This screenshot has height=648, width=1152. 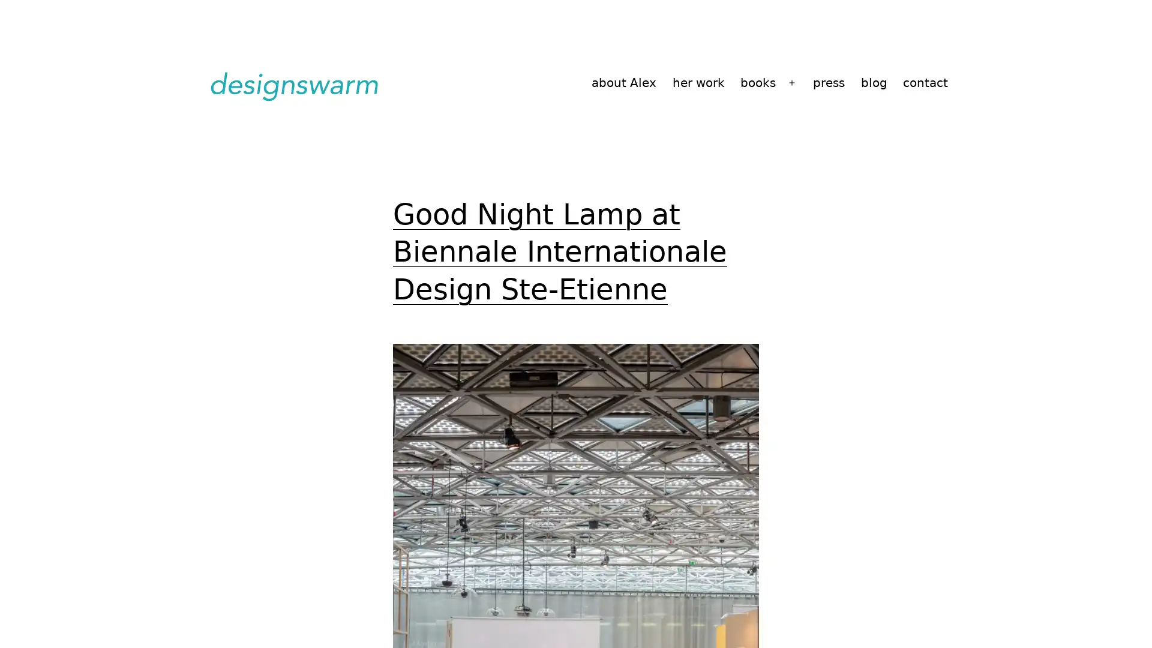 What do you see at coordinates (792, 82) in the screenshot?
I see `Open menu` at bounding box center [792, 82].